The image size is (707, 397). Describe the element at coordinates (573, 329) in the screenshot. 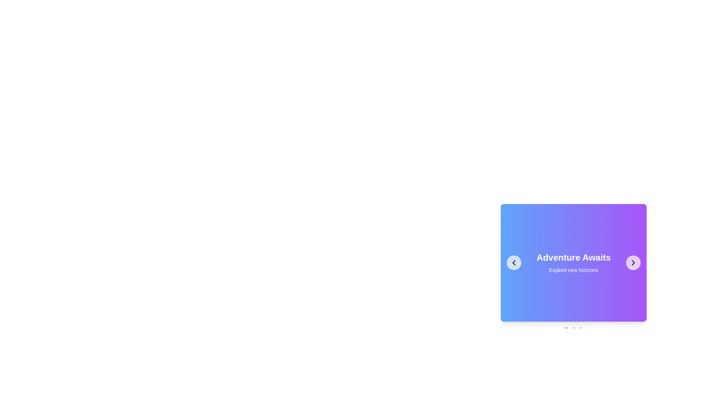

I see `the second gray circular dot in the pagination indicator row located beneath the 'Adventure Awaits' card` at that location.